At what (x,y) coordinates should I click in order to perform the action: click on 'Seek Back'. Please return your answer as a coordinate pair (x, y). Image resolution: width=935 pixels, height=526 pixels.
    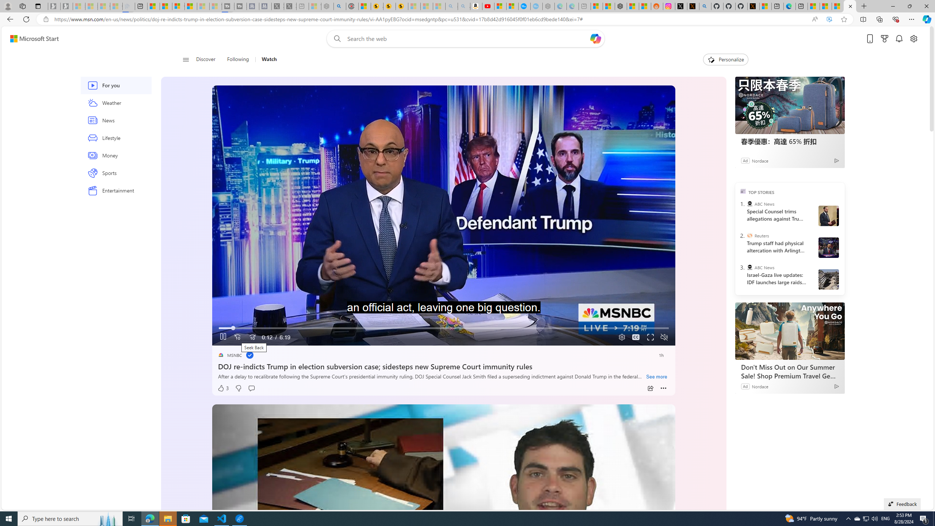
    Looking at the image, I should click on (237, 337).